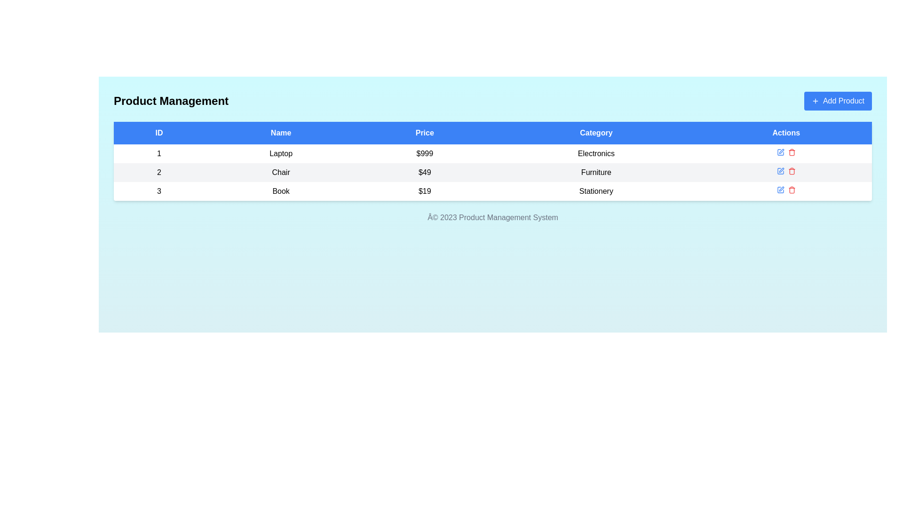  Describe the element at coordinates (781, 151) in the screenshot. I see `the edit button located in the 'Actions' column of the table, aligned with the first row, to initiate the edit function` at that location.